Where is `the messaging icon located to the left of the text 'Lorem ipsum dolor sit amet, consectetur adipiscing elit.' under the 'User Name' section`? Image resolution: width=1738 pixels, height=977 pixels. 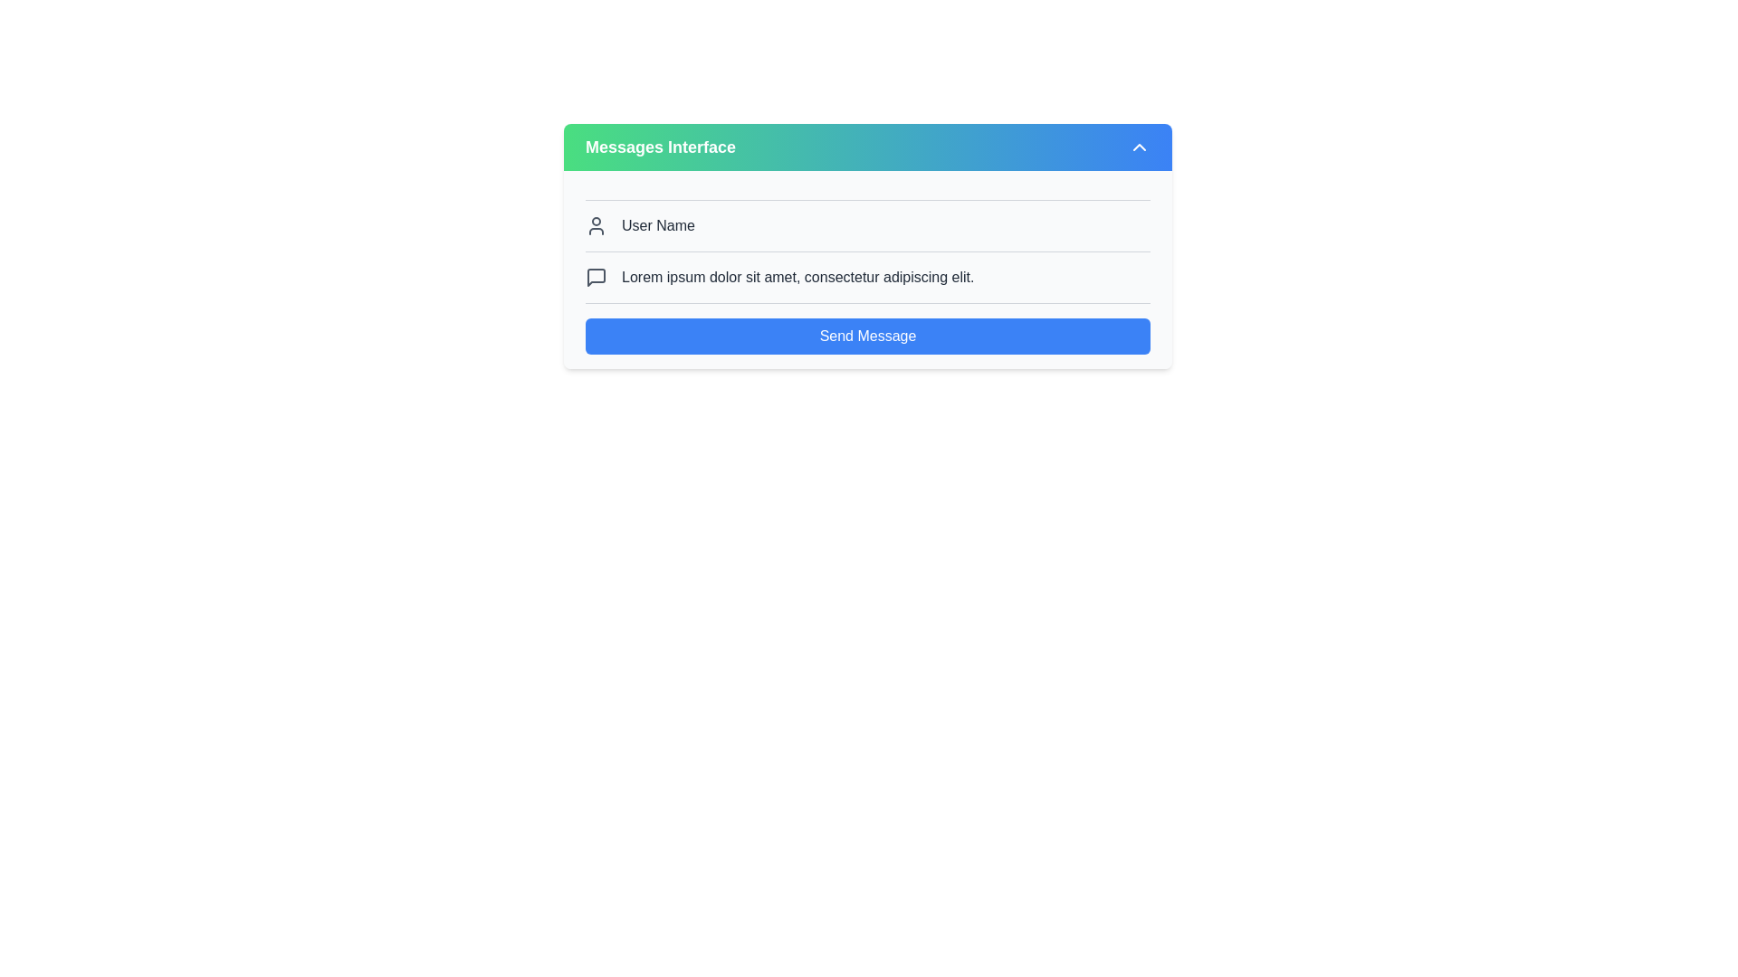 the messaging icon located to the left of the text 'Lorem ipsum dolor sit amet, consectetur adipiscing elit.' under the 'User Name' section is located at coordinates (596, 278).